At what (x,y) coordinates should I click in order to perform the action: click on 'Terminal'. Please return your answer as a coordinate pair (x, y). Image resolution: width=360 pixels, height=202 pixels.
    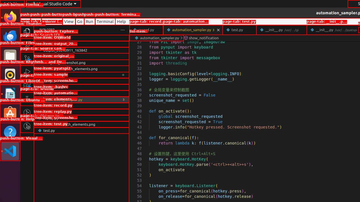
    Looking at the image, I should click on (105, 21).